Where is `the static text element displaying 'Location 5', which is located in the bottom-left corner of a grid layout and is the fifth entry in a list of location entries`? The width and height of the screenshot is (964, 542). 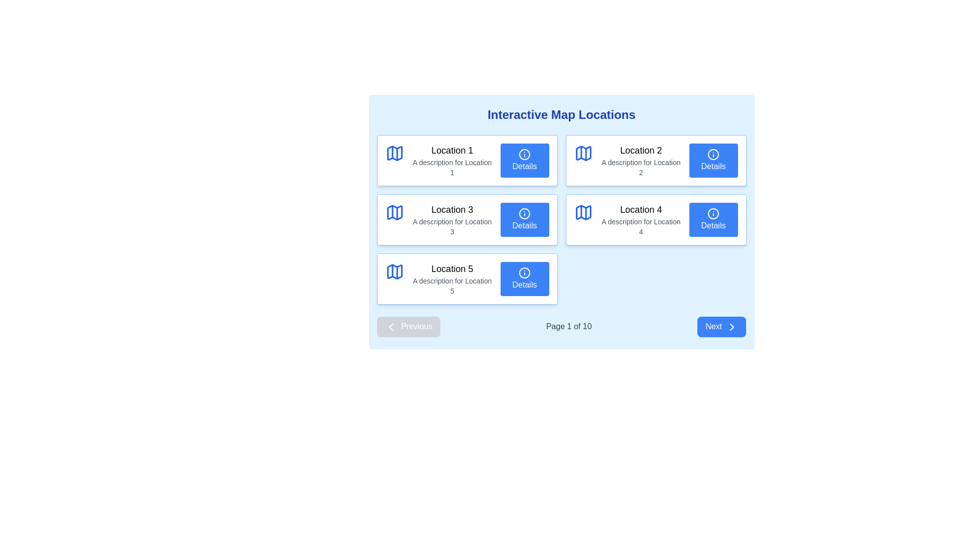
the static text element displaying 'Location 5', which is located in the bottom-left corner of a grid layout and is the fifth entry in a list of location entries is located at coordinates (451, 279).